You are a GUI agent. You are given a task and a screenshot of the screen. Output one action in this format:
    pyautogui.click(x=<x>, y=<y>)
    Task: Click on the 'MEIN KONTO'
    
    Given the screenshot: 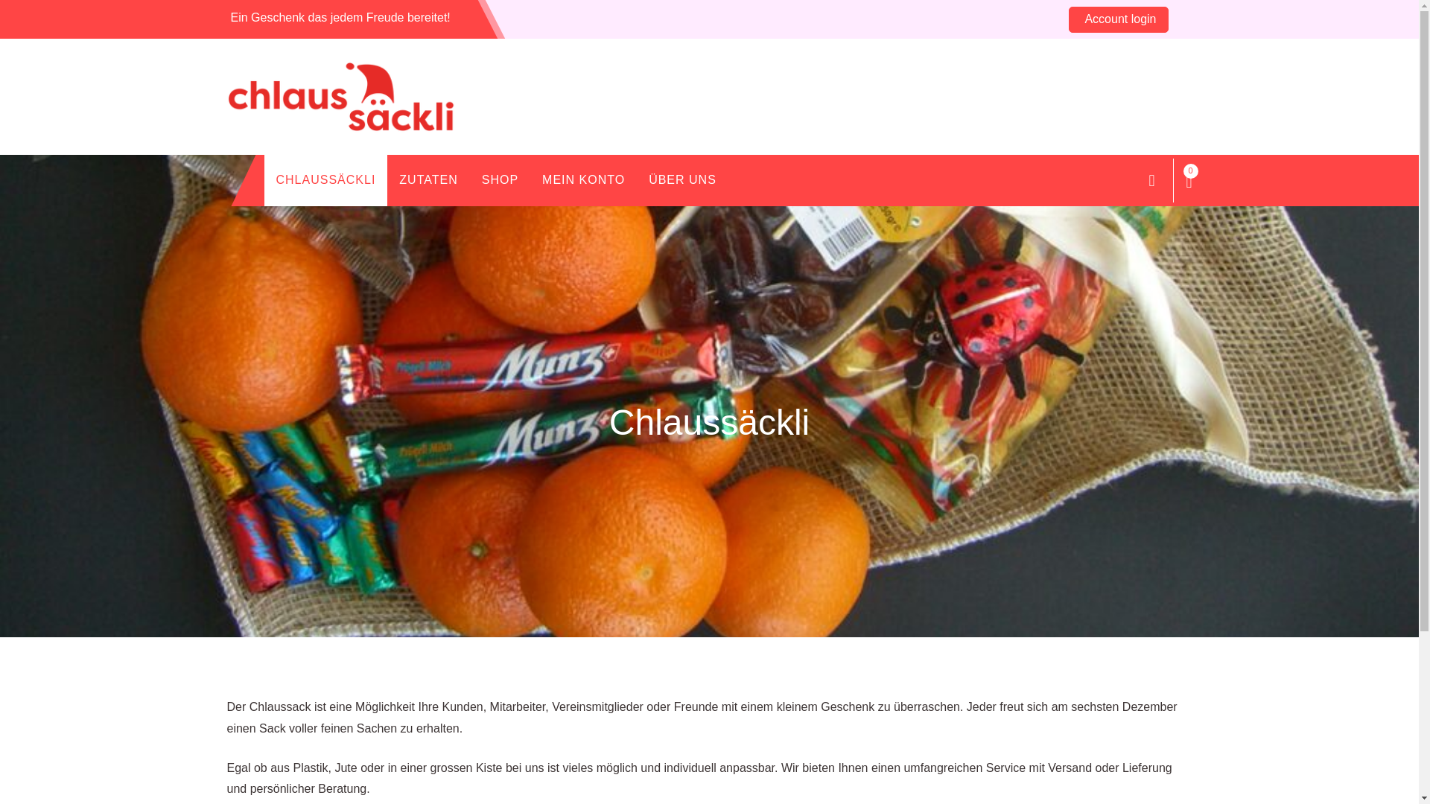 What is the action you would take?
    pyautogui.click(x=582, y=179)
    